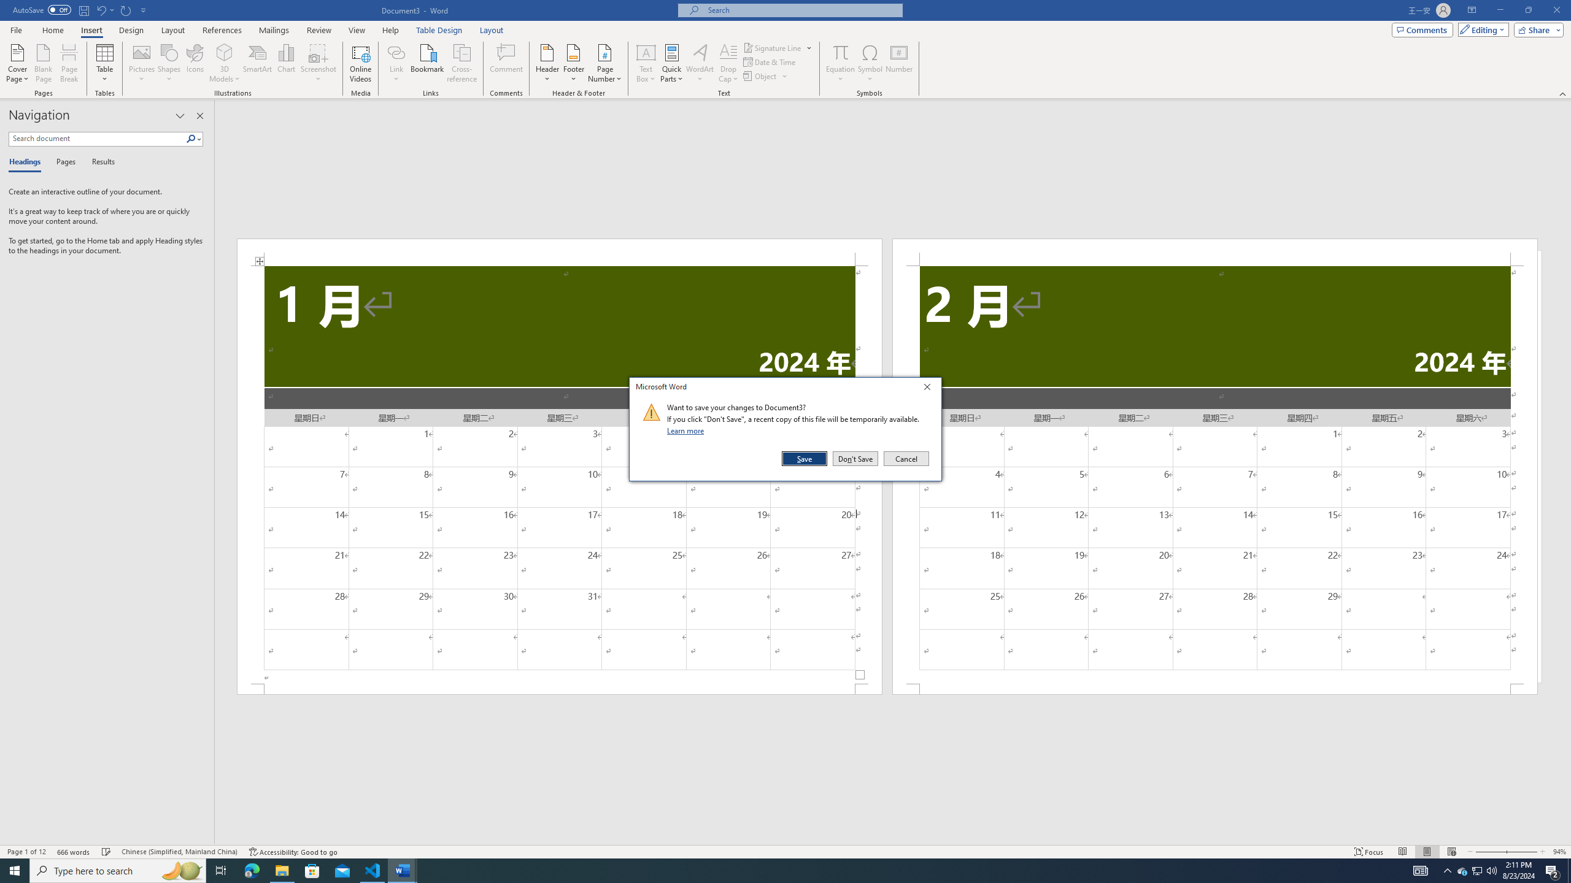 The image size is (1571, 883). What do you see at coordinates (1481, 29) in the screenshot?
I see `'Mode'` at bounding box center [1481, 29].